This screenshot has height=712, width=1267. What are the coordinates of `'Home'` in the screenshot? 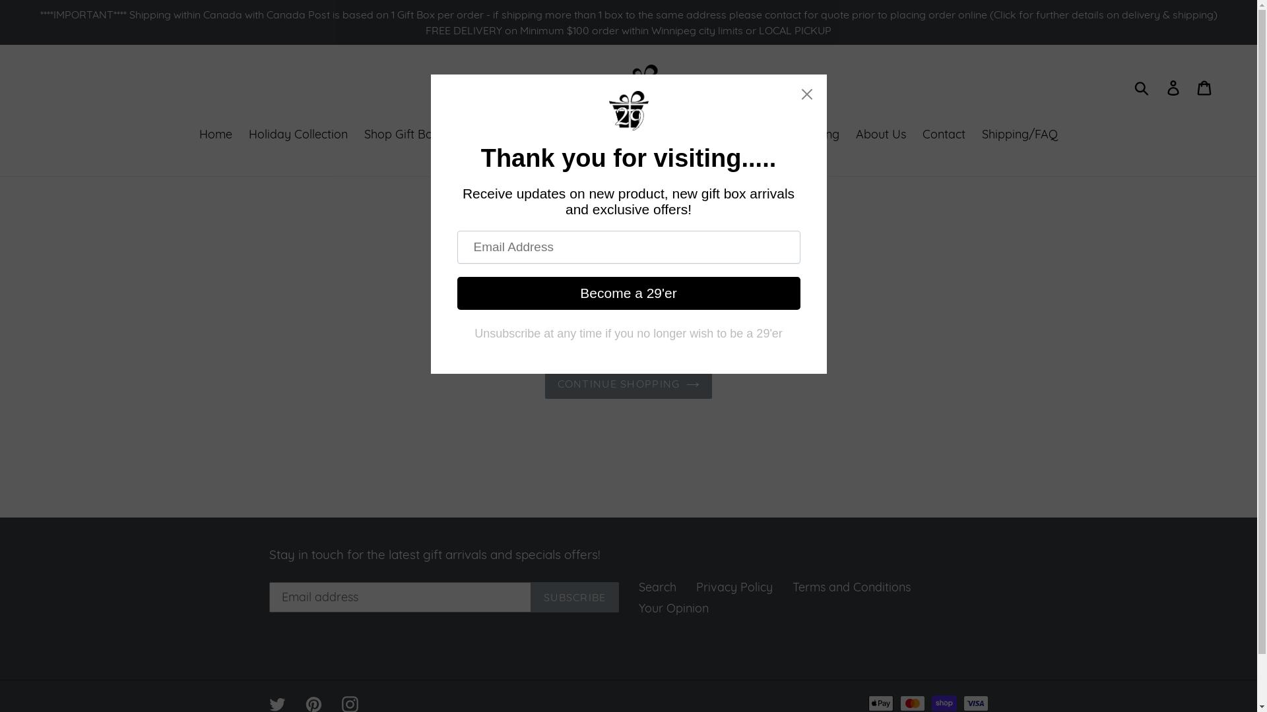 It's located at (192, 134).